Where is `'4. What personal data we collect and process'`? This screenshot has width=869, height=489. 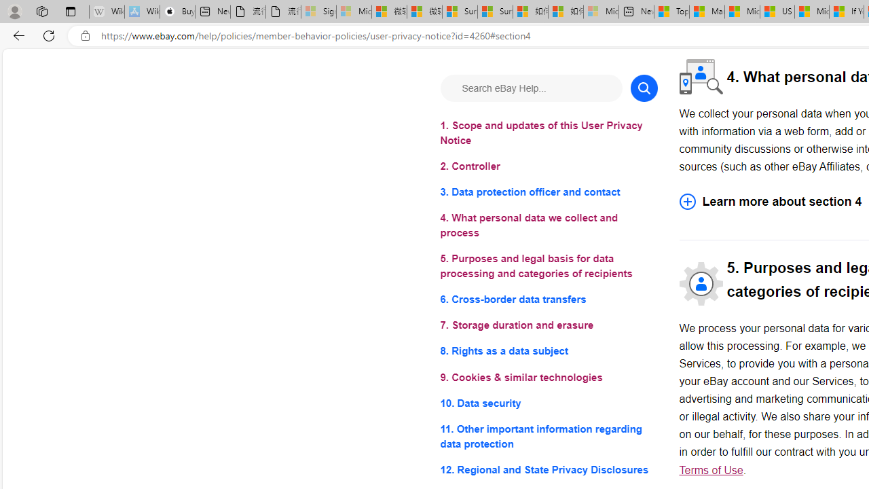
'4. What personal data we collect and process' is located at coordinates (549, 225).